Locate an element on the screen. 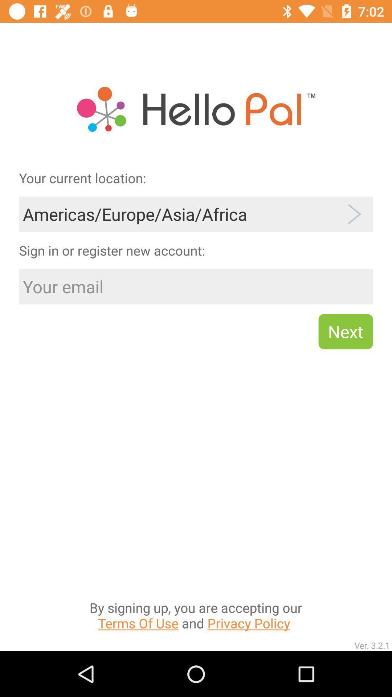 The height and width of the screenshot is (697, 392). item above your current location: item is located at coordinates (196, 86).